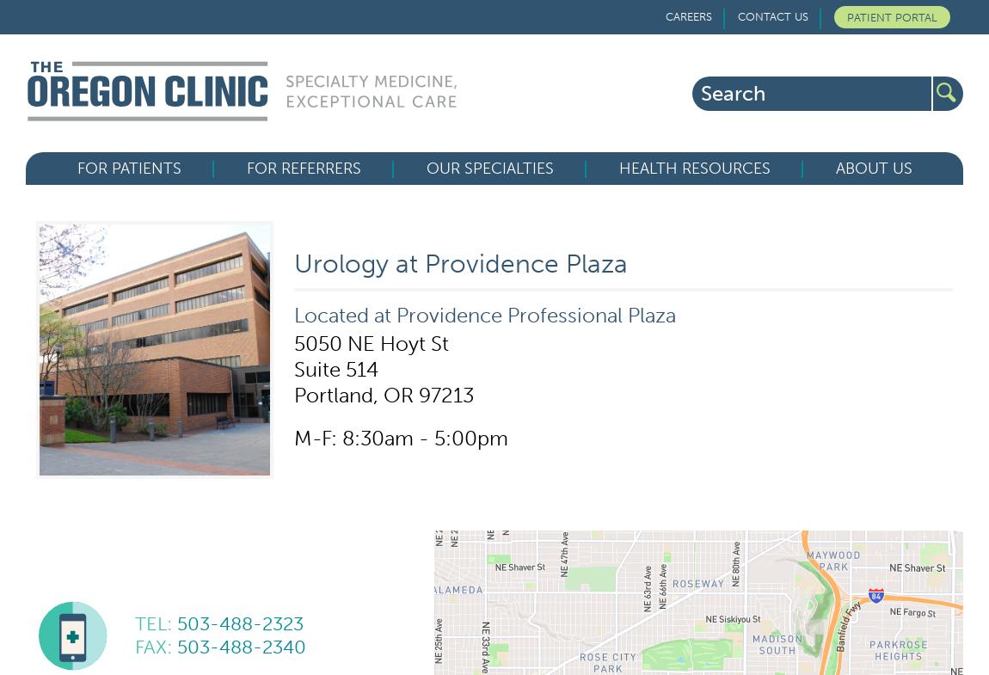  What do you see at coordinates (484, 314) in the screenshot?
I see `'Located at Providence Professional Plaza'` at bounding box center [484, 314].